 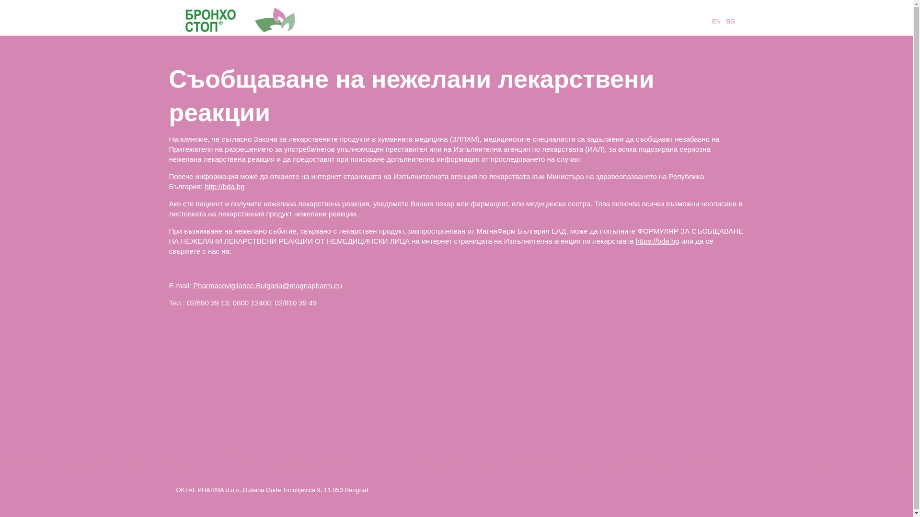 I want to click on 'BG', so click(x=724, y=21).